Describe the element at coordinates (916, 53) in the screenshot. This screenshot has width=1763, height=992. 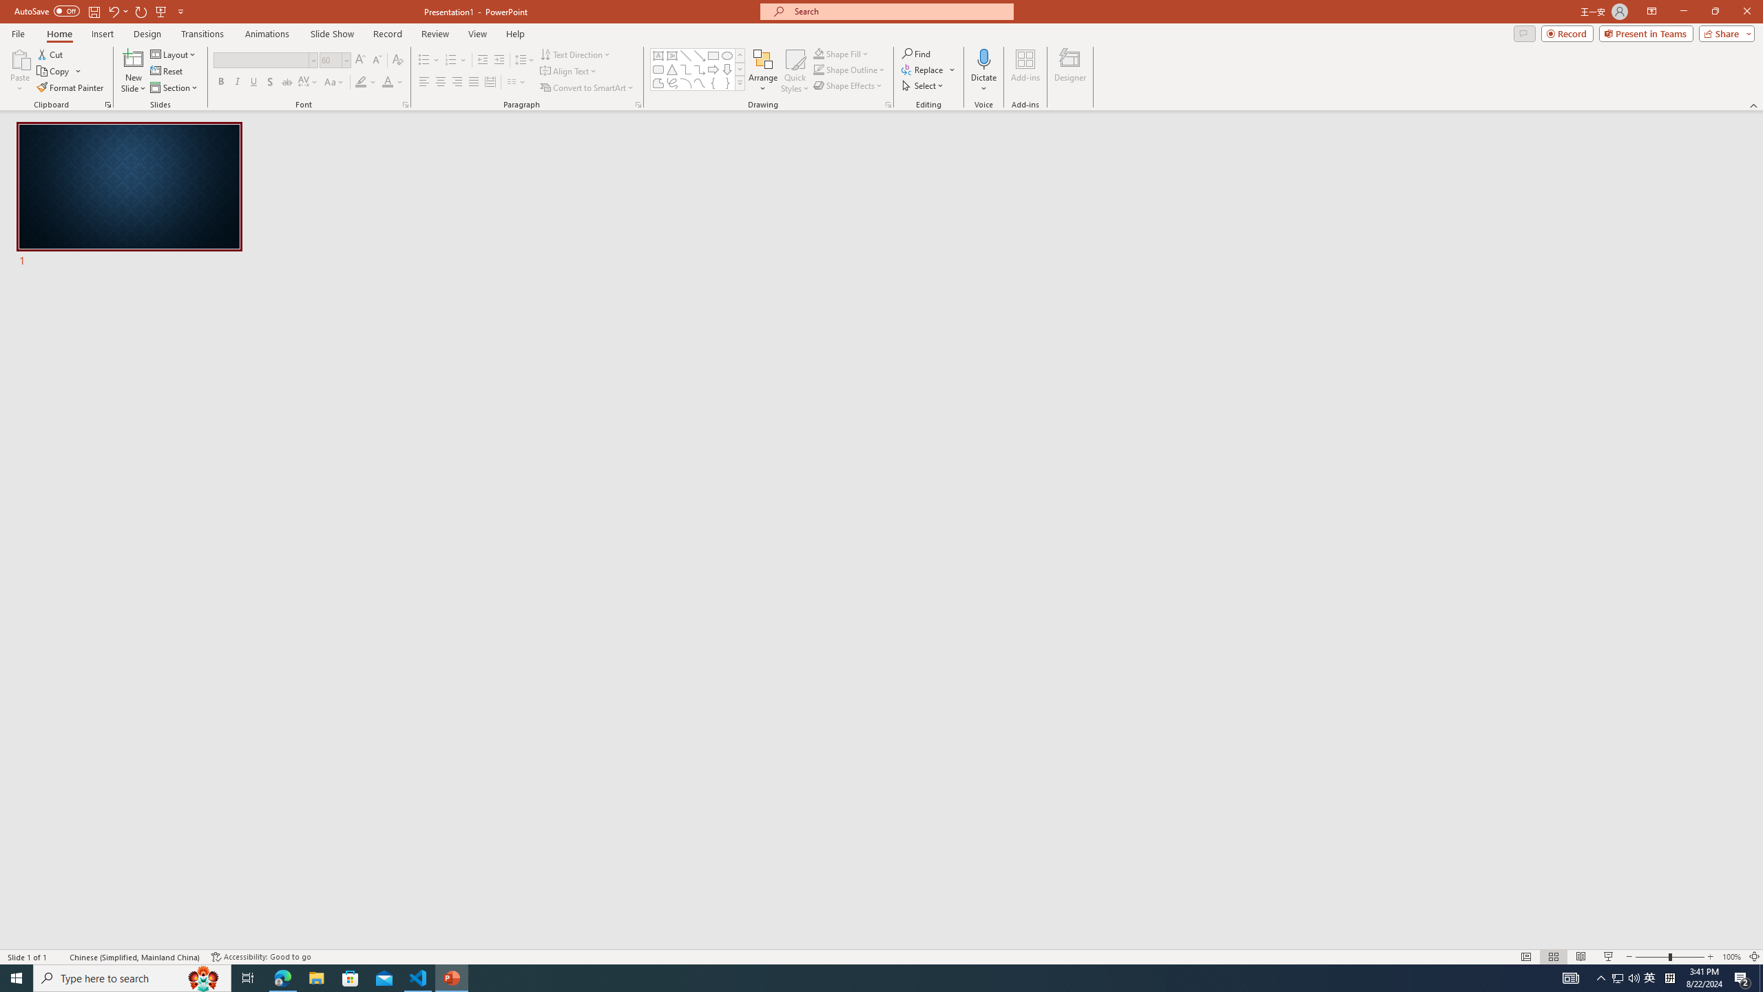
I see `'Find...'` at that location.